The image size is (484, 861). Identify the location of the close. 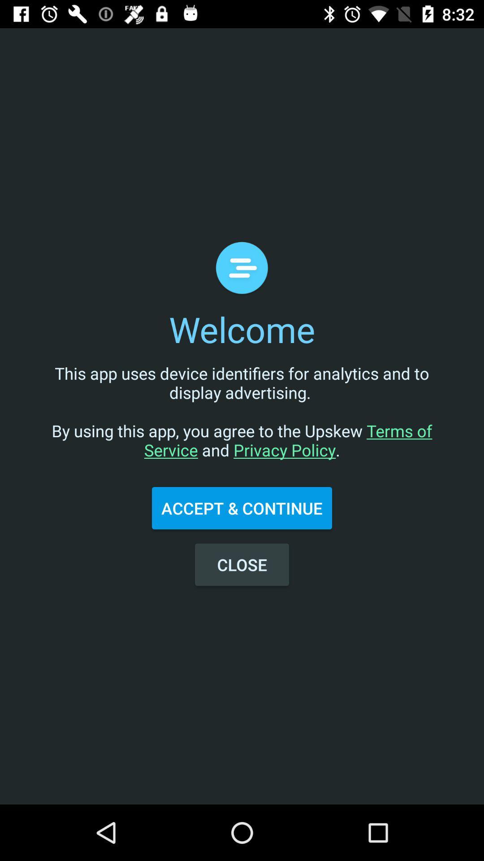
(242, 564).